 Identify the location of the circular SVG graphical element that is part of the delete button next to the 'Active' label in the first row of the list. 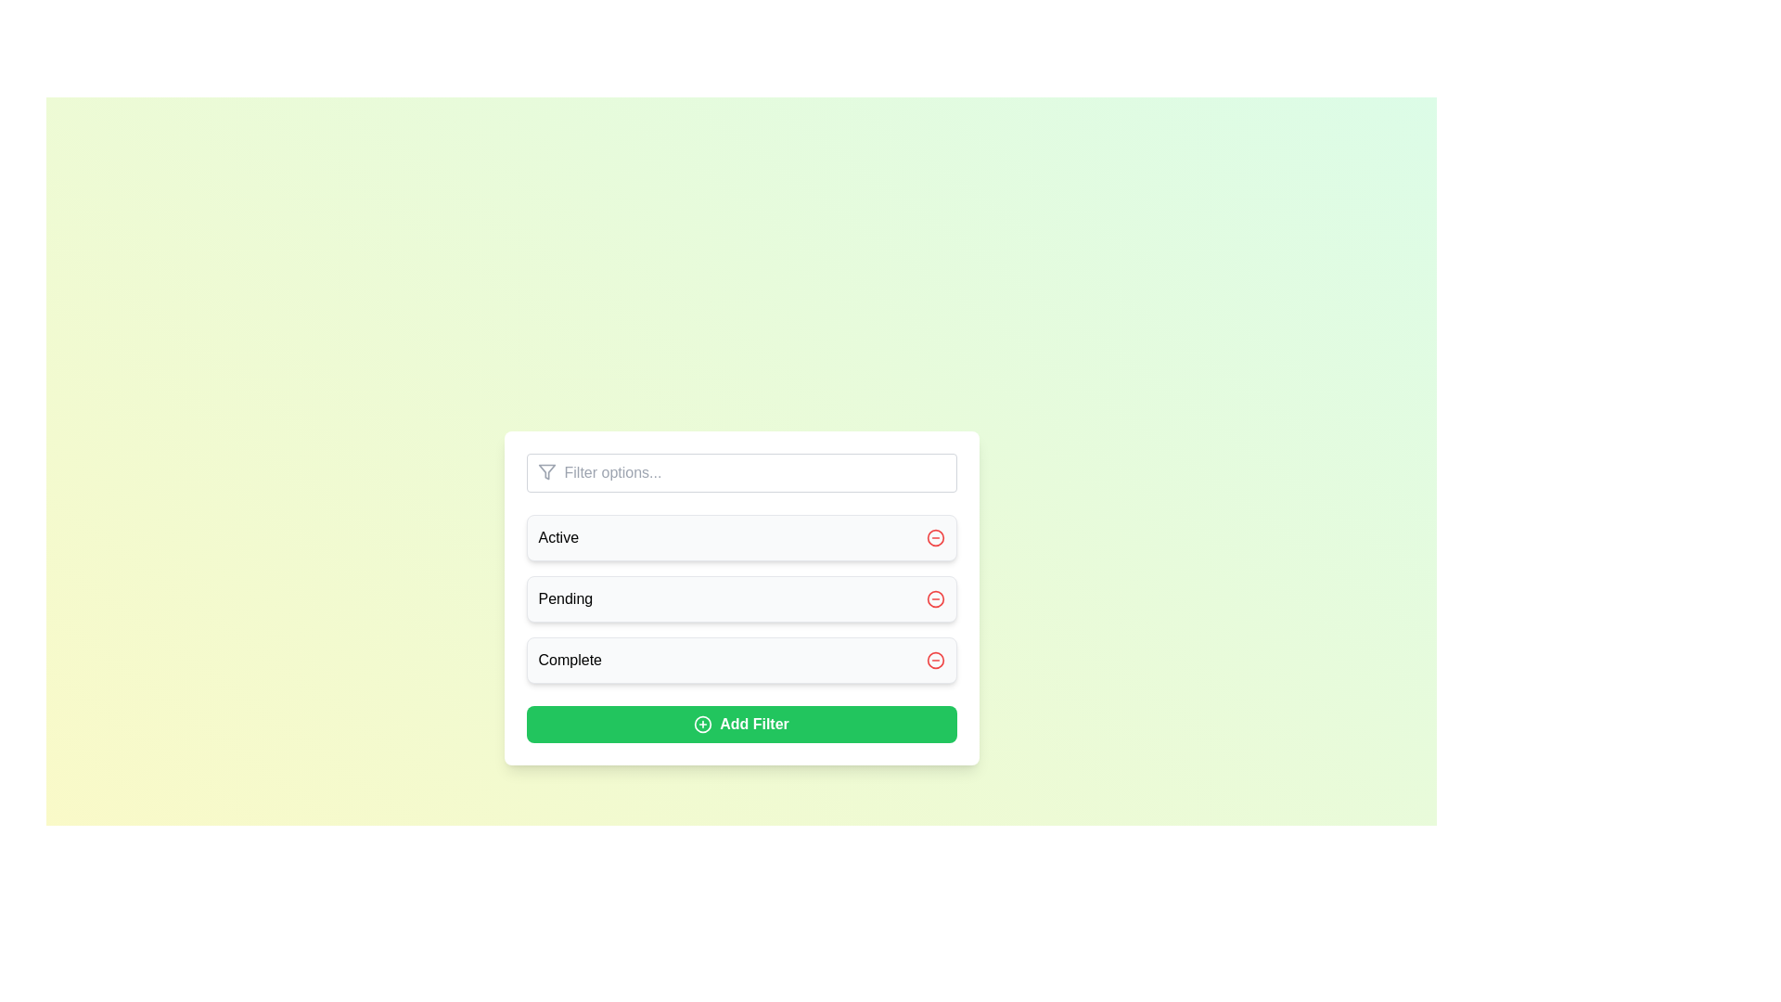
(935, 537).